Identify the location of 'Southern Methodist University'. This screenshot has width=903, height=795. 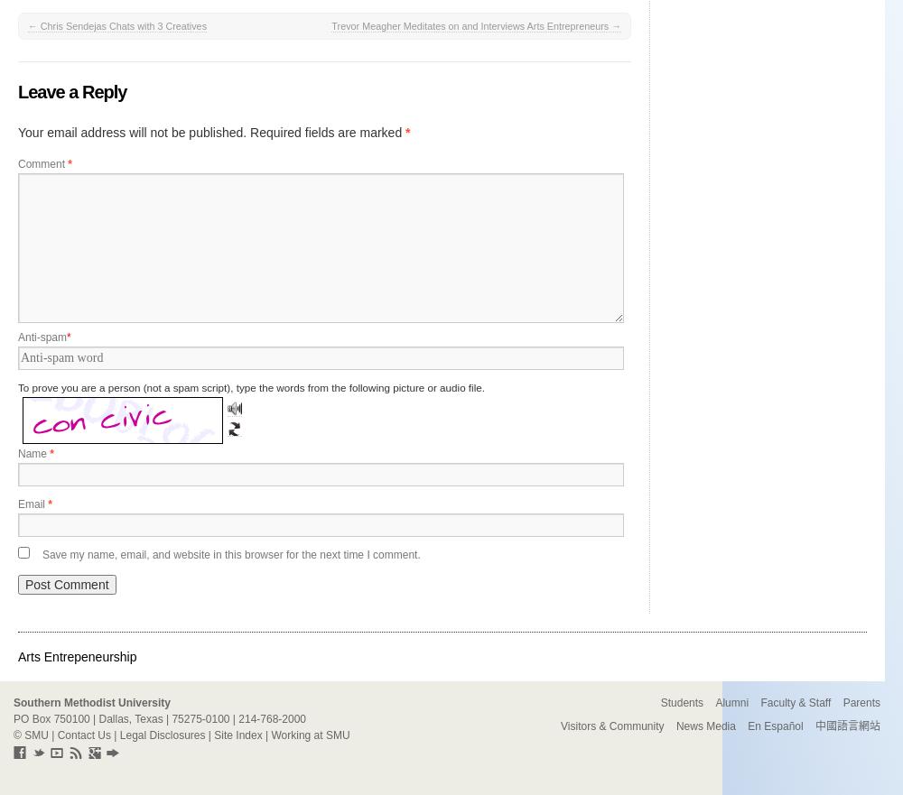
(91, 701).